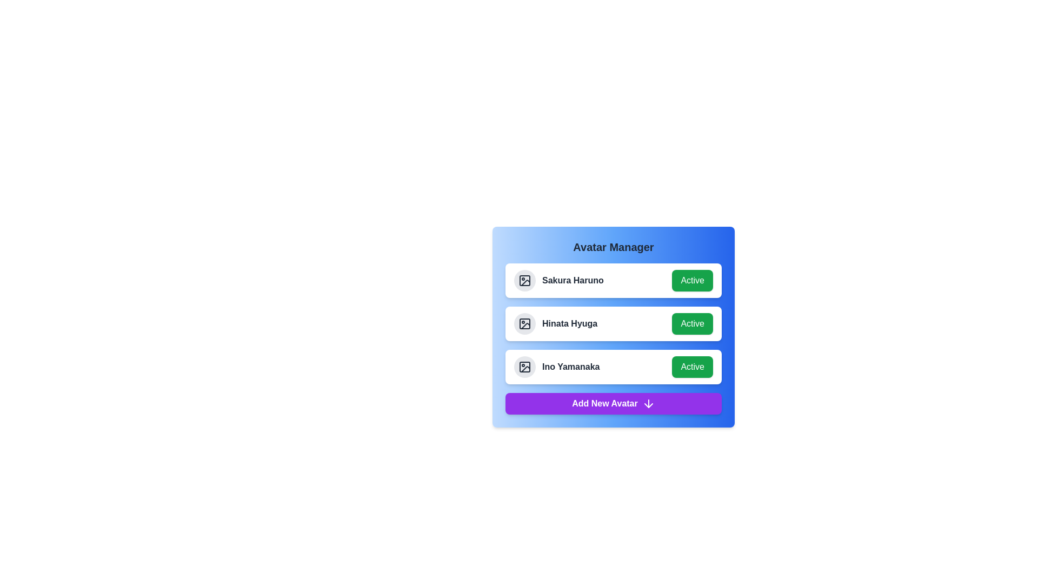  Describe the element at coordinates (693, 366) in the screenshot. I see `the button` at that location.